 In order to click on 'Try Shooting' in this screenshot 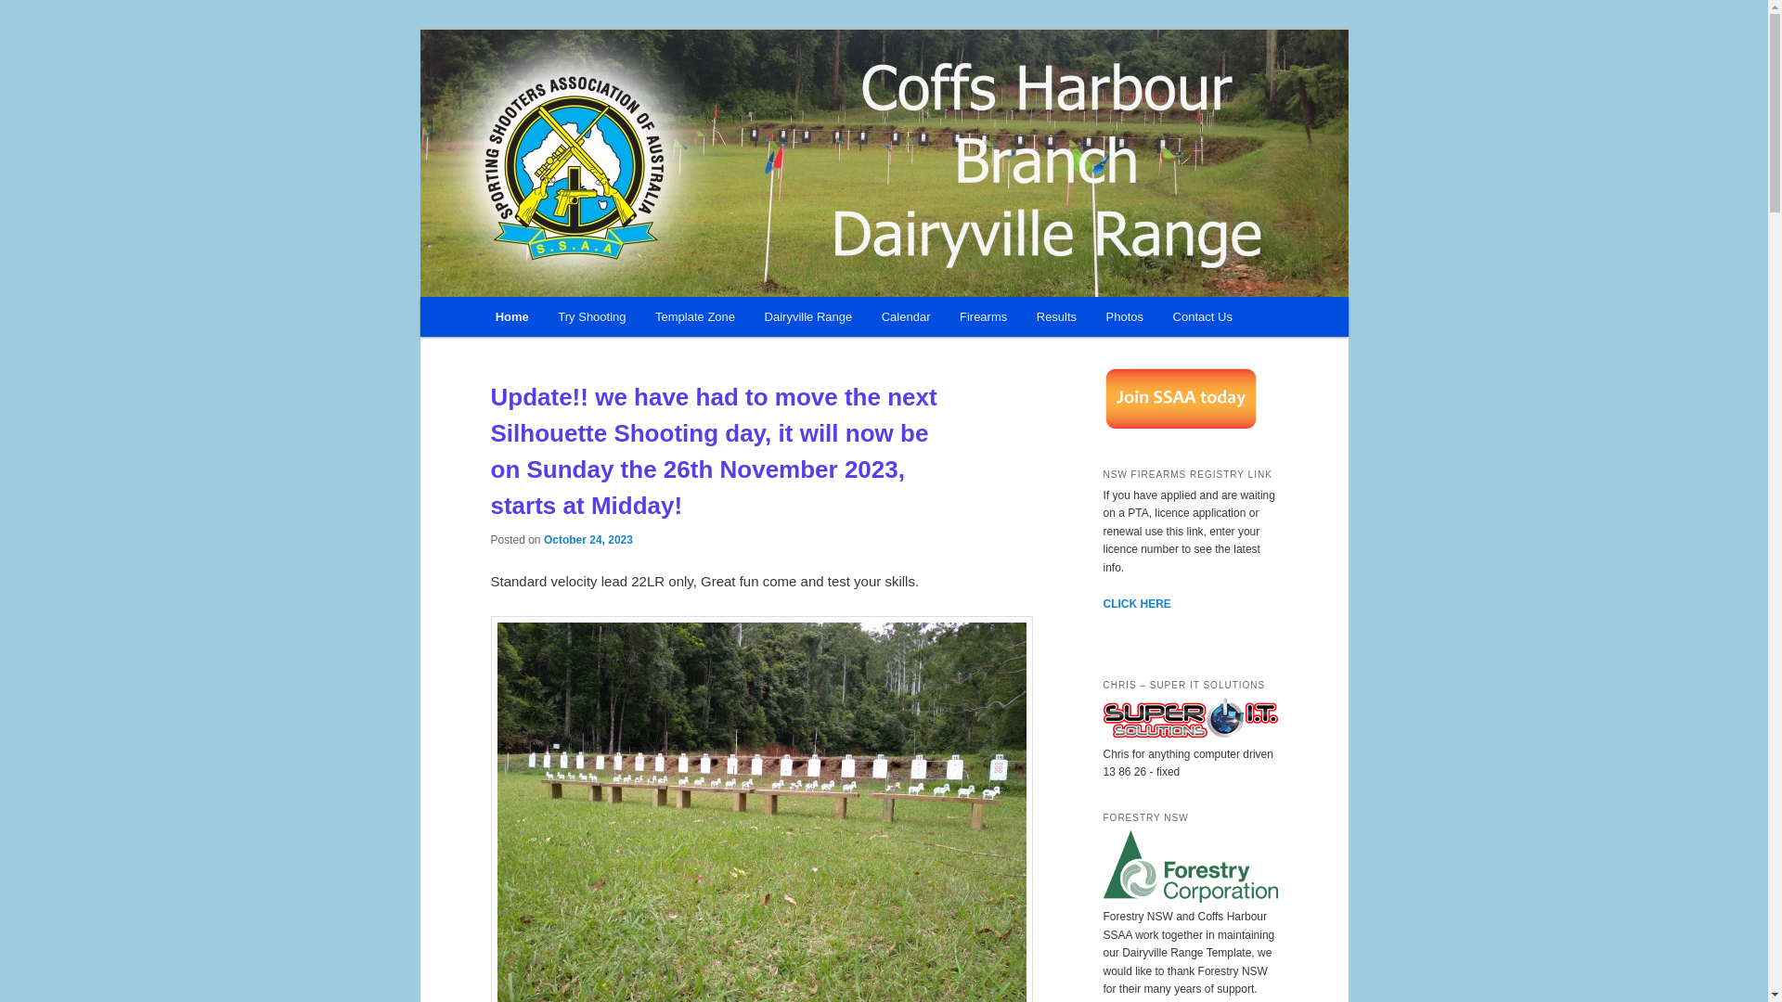, I will do `click(591, 315)`.